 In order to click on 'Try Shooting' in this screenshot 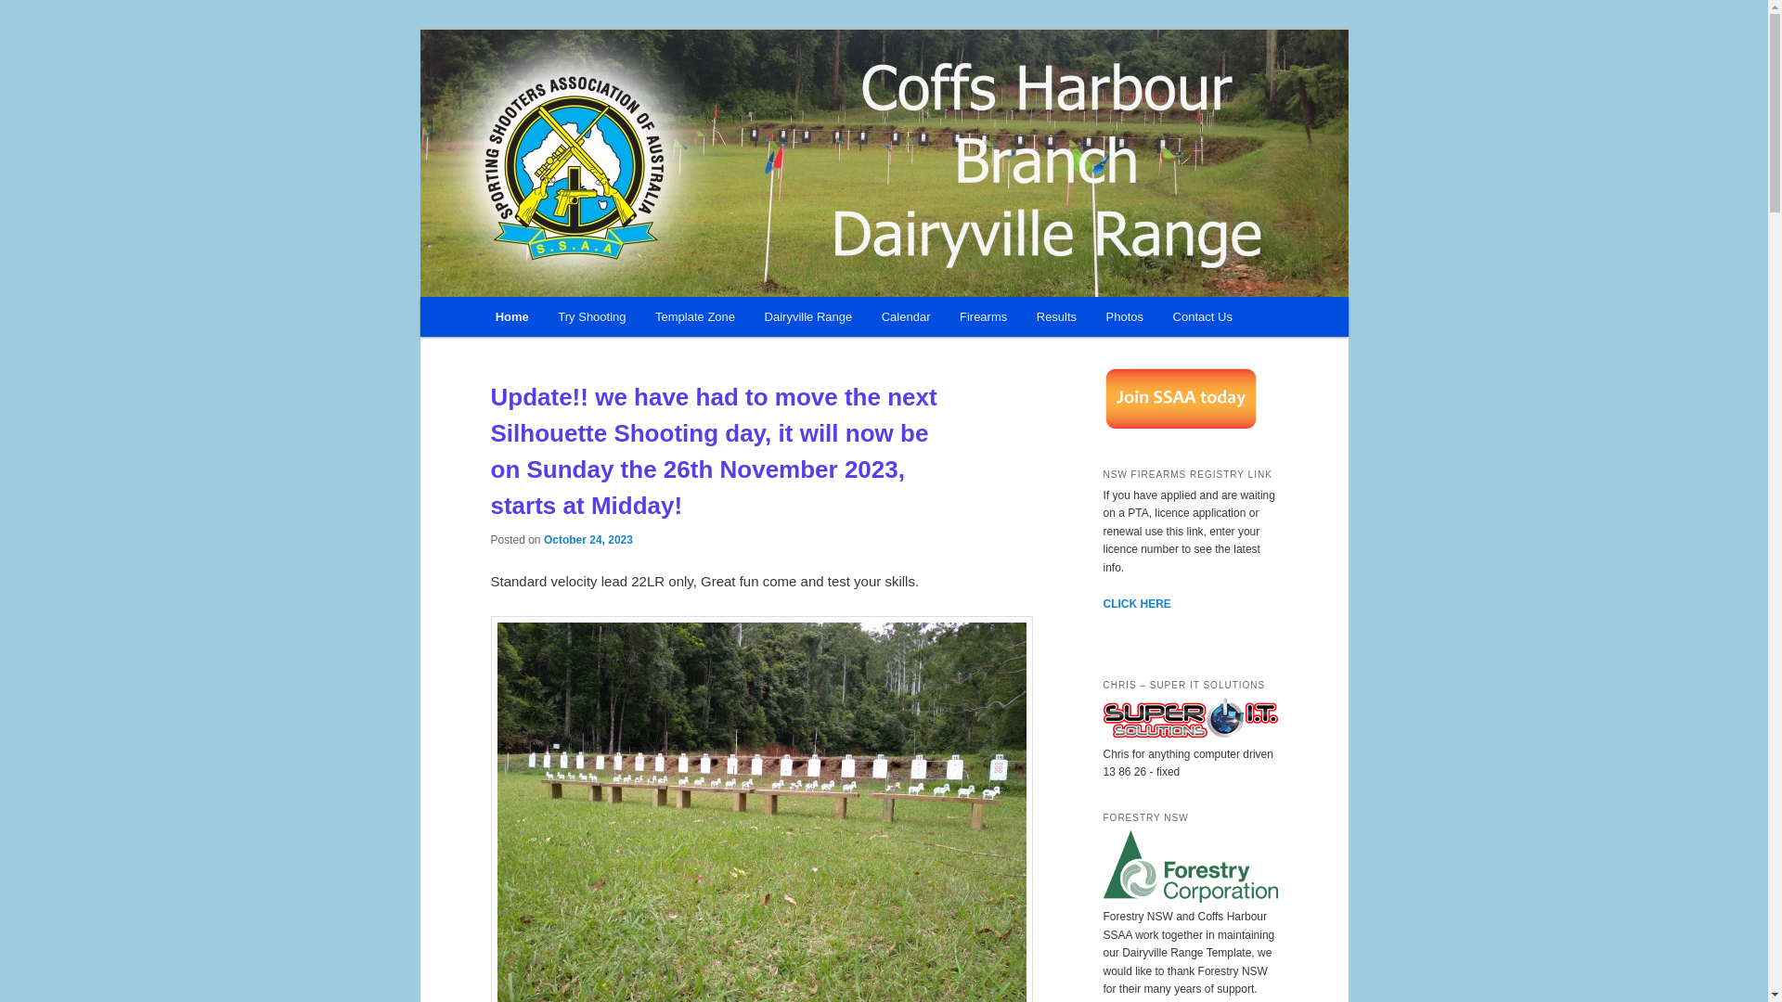, I will do `click(591, 315)`.